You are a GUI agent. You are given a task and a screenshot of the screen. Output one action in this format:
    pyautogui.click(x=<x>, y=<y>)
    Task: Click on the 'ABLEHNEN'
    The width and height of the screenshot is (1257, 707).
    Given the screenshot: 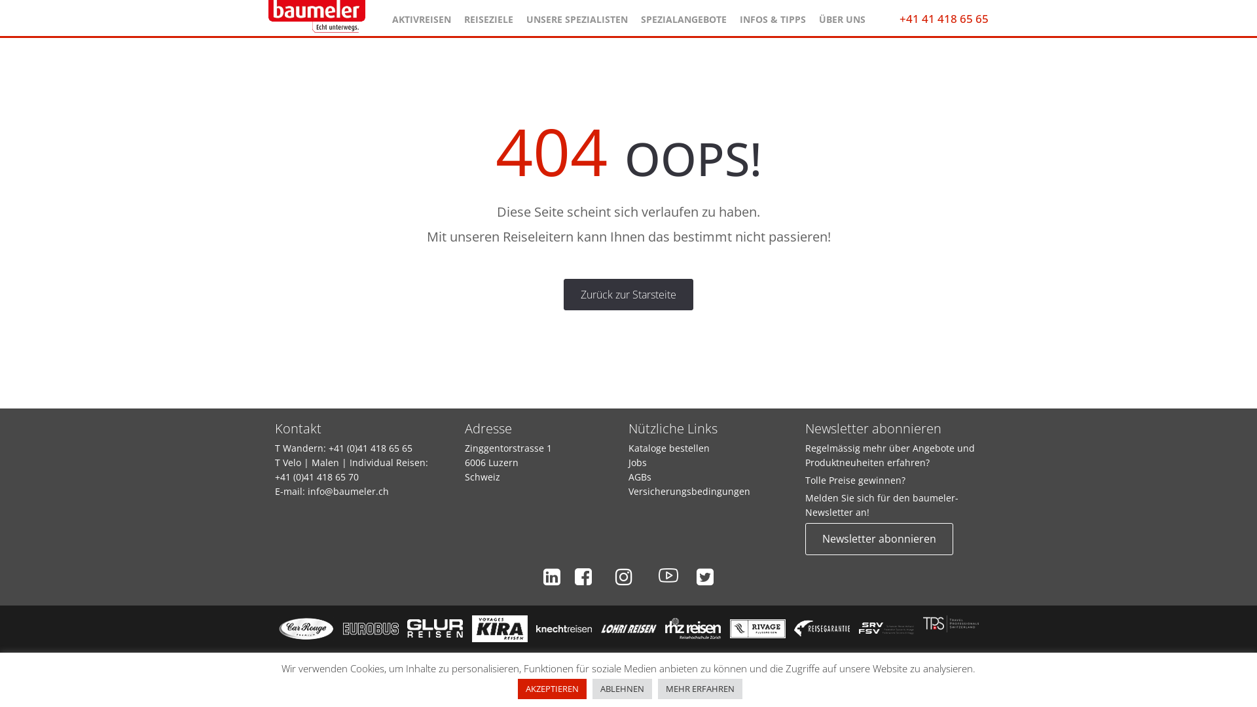 What is the action you would take?
    pyautogui.click(x=621, y=688)
    